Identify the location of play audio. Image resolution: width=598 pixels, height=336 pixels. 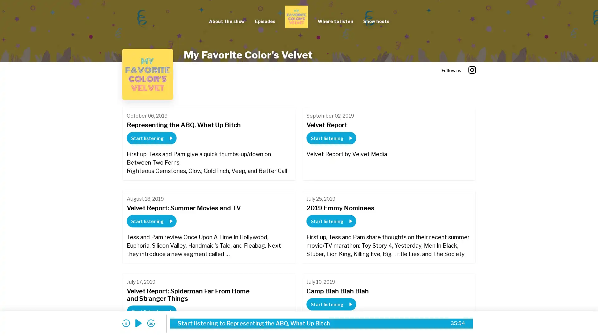
(138, 323).